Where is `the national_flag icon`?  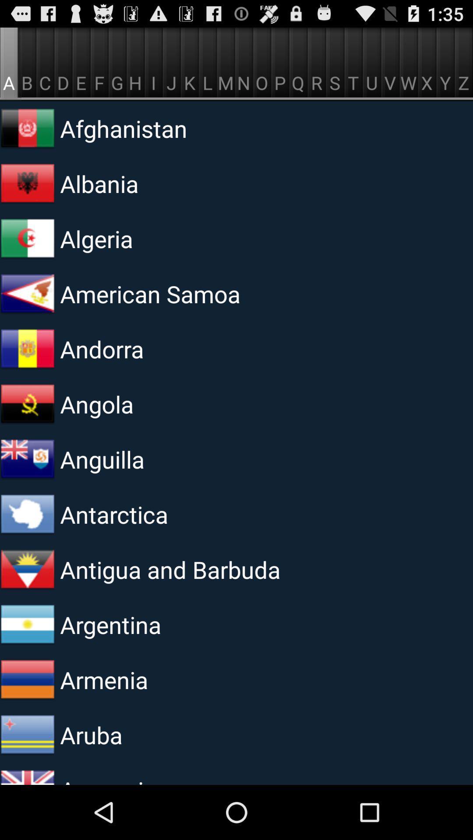
the national_flag icon is located at coordinates (27, 315).